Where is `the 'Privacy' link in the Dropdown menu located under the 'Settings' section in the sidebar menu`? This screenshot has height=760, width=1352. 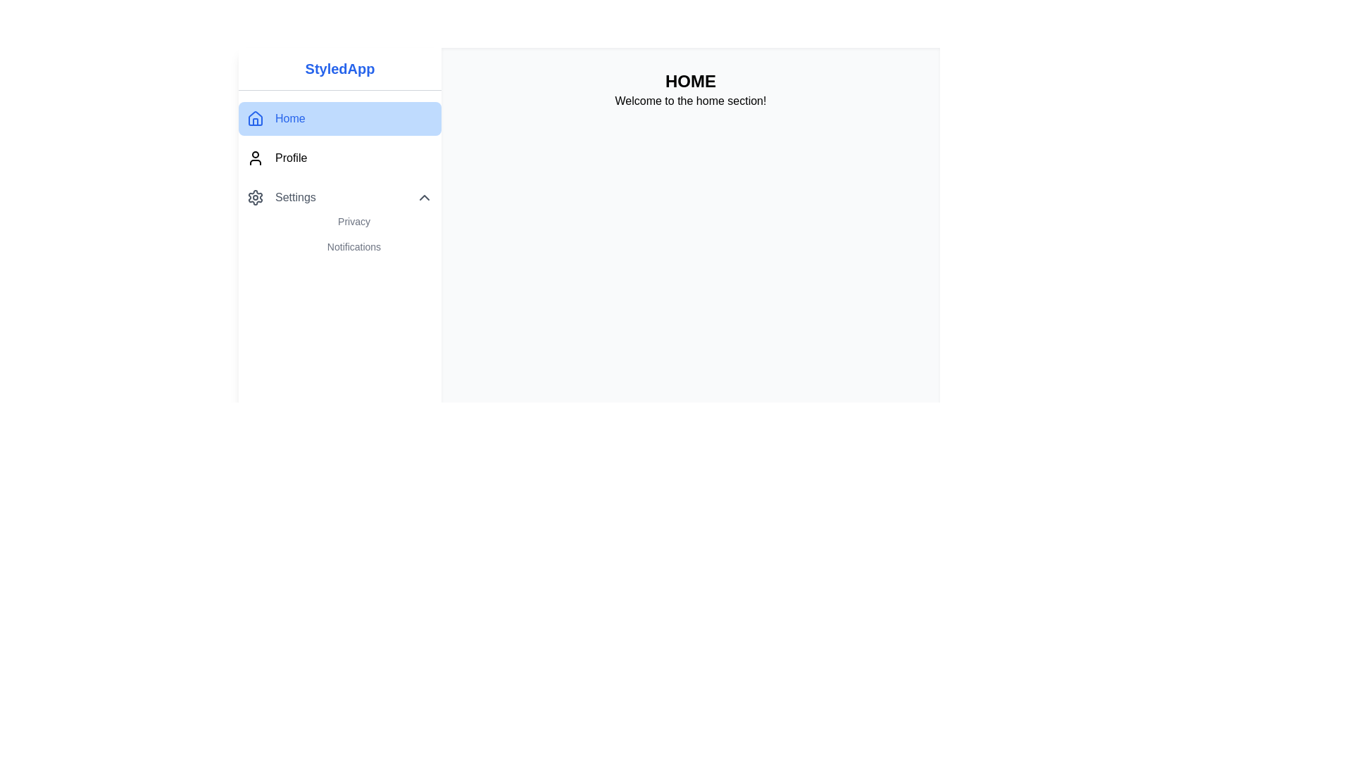 the 'Privacy' link in the Dropdown menu located under the 'Settings' section in the sidebar menu is located at coordinates (340, 222).